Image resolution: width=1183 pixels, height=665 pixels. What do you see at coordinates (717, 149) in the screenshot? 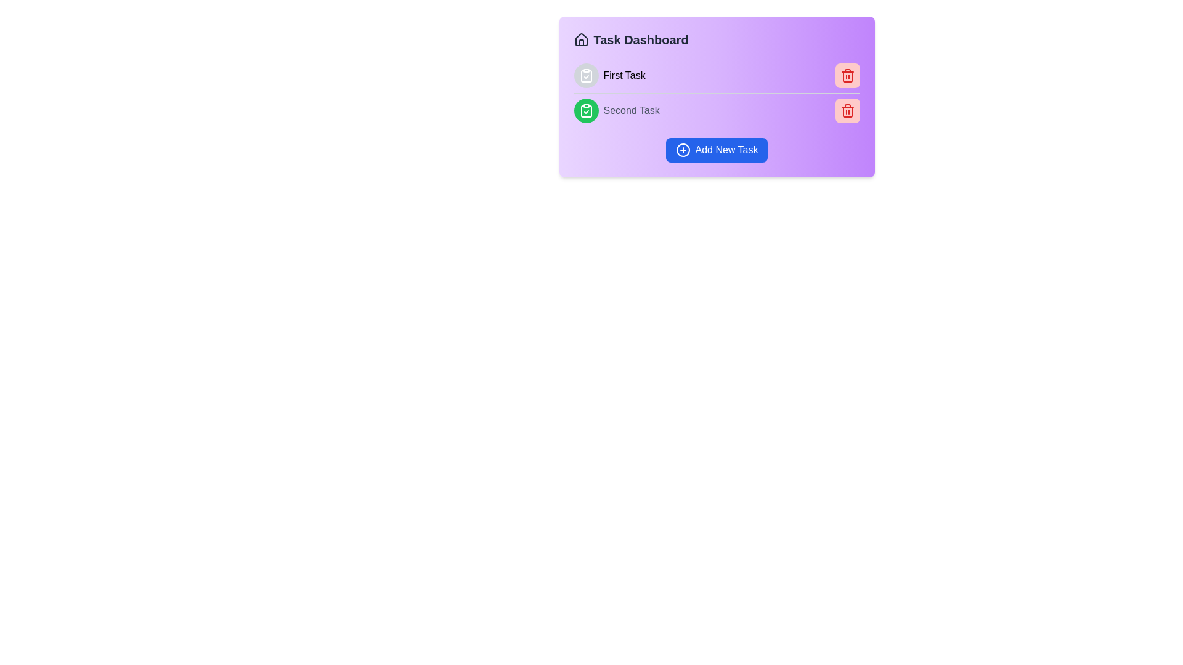
I see `the button that adds new tasks to the dashboard, located at the bottom of the 'Task Dashboard' interface beneath 'First Task' and 'Second Task'` at bounding box center [717, 149].